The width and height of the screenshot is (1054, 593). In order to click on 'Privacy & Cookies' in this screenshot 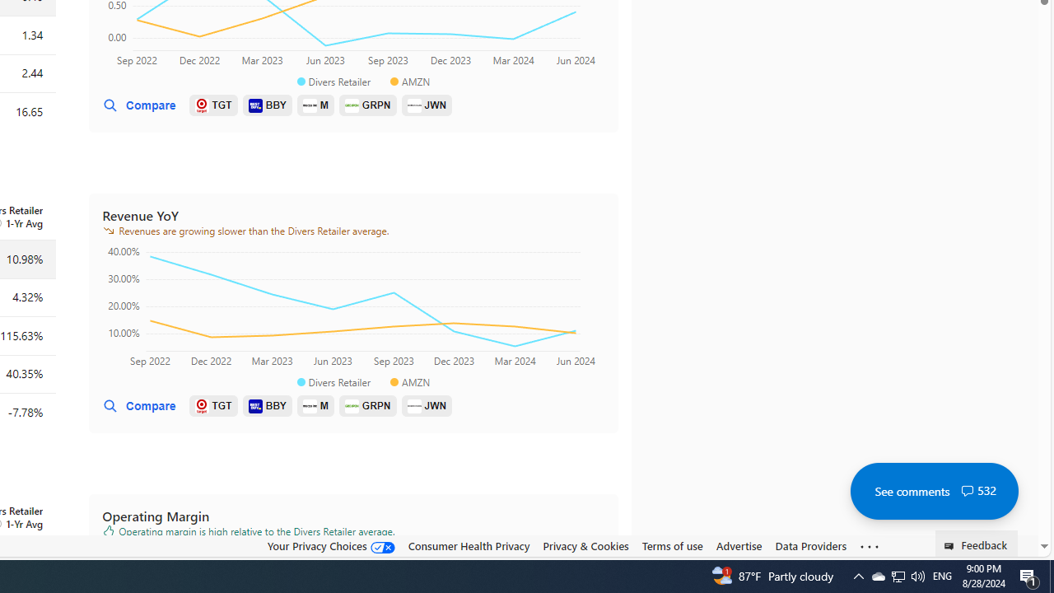, I will do `click(585, 546)`.